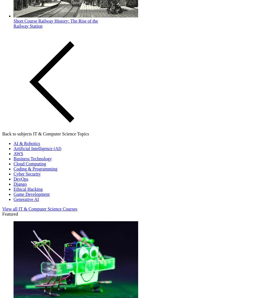  Describe the element at coordinates (28, 189) in the screenshot. I see `'Ethical Hacking'` at that location.